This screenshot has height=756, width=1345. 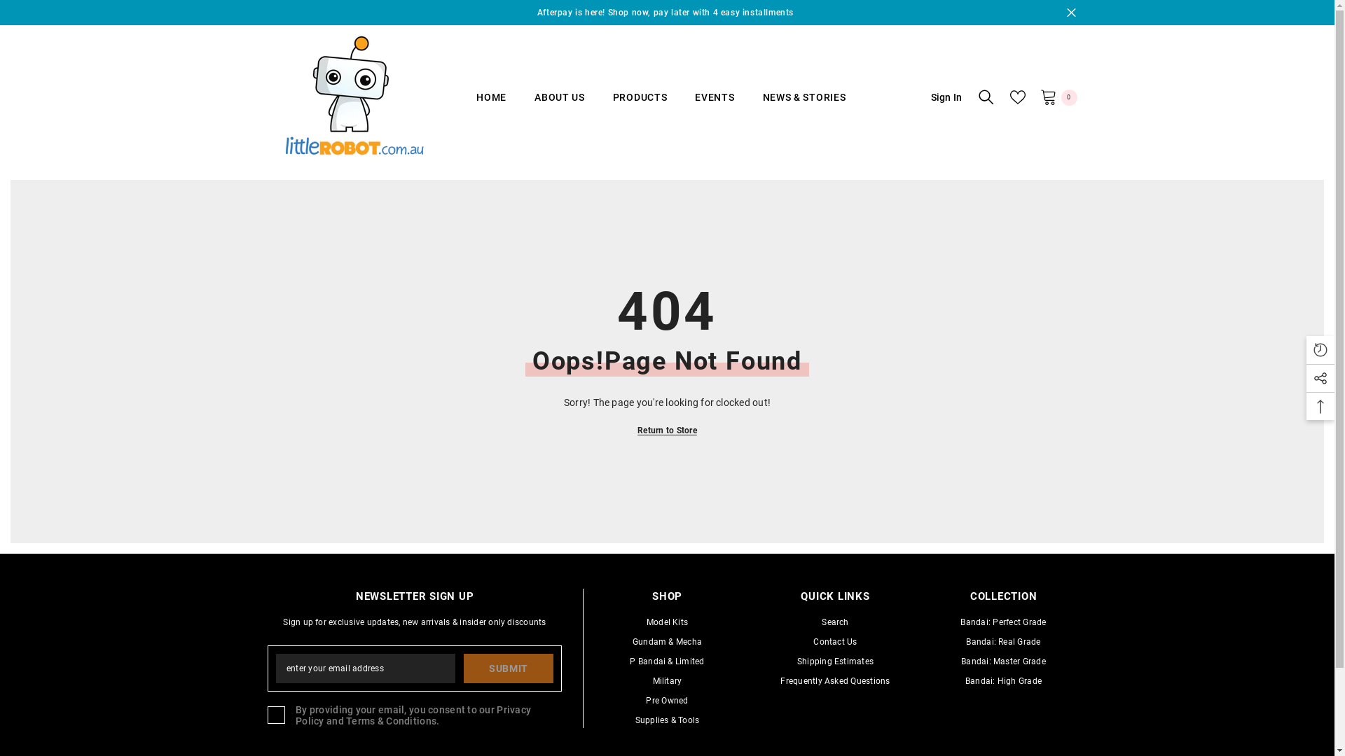 I want to click on 'PRODUCTS', so click(x=639, y=106).